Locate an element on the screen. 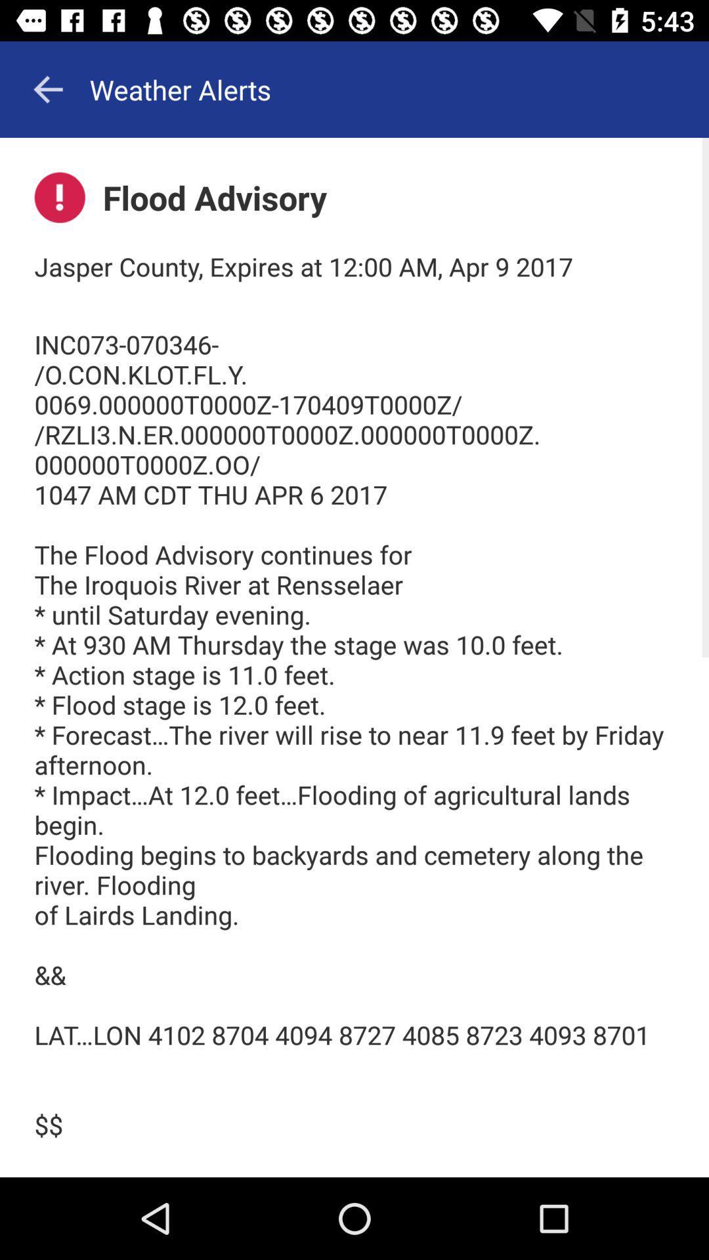  go back is located at coordinates (47, 89).